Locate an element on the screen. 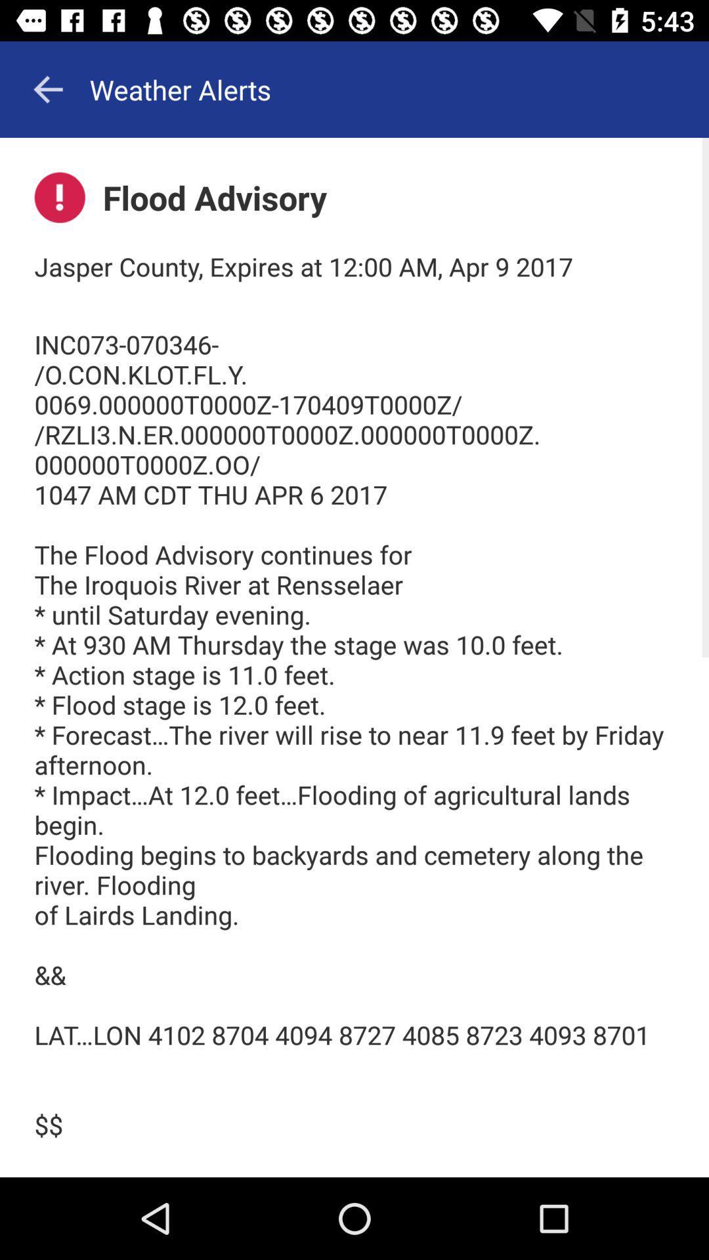  go back is located at coordinates (47, 89).